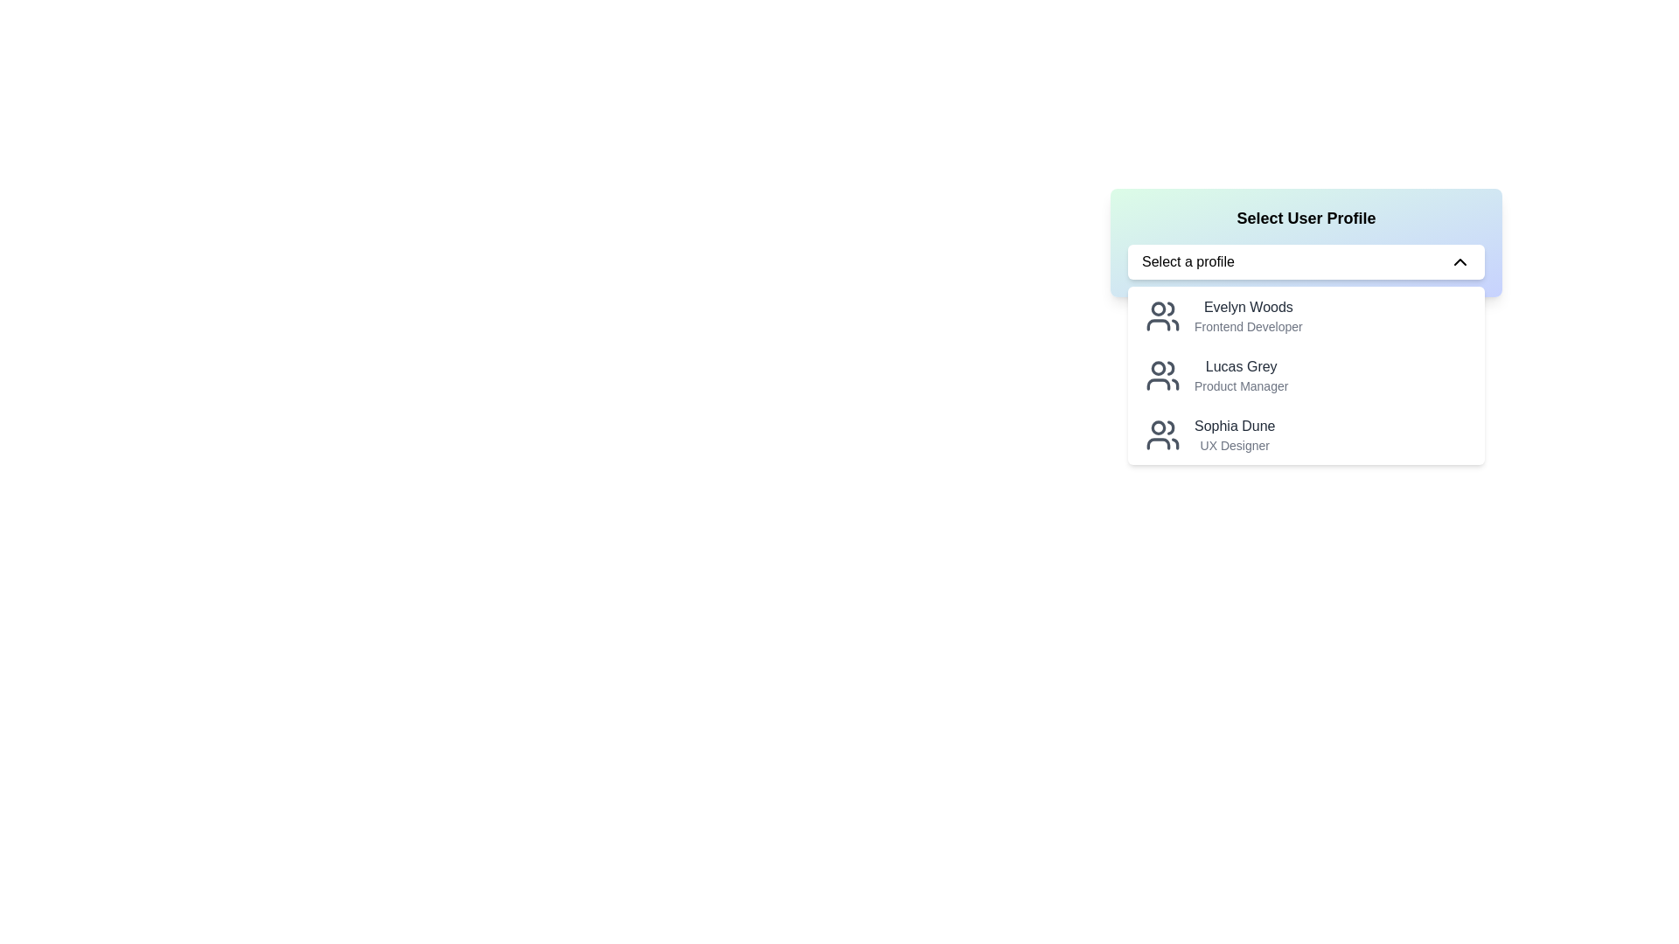 The width and height of the screenshot is (1679, 944). Describe the element at coordinates (1162, 434) in the screenshot. I see `the SVG icon representing a group of people located to the left of the profile information for 'Sophia Dune UX Designer'` at that location.